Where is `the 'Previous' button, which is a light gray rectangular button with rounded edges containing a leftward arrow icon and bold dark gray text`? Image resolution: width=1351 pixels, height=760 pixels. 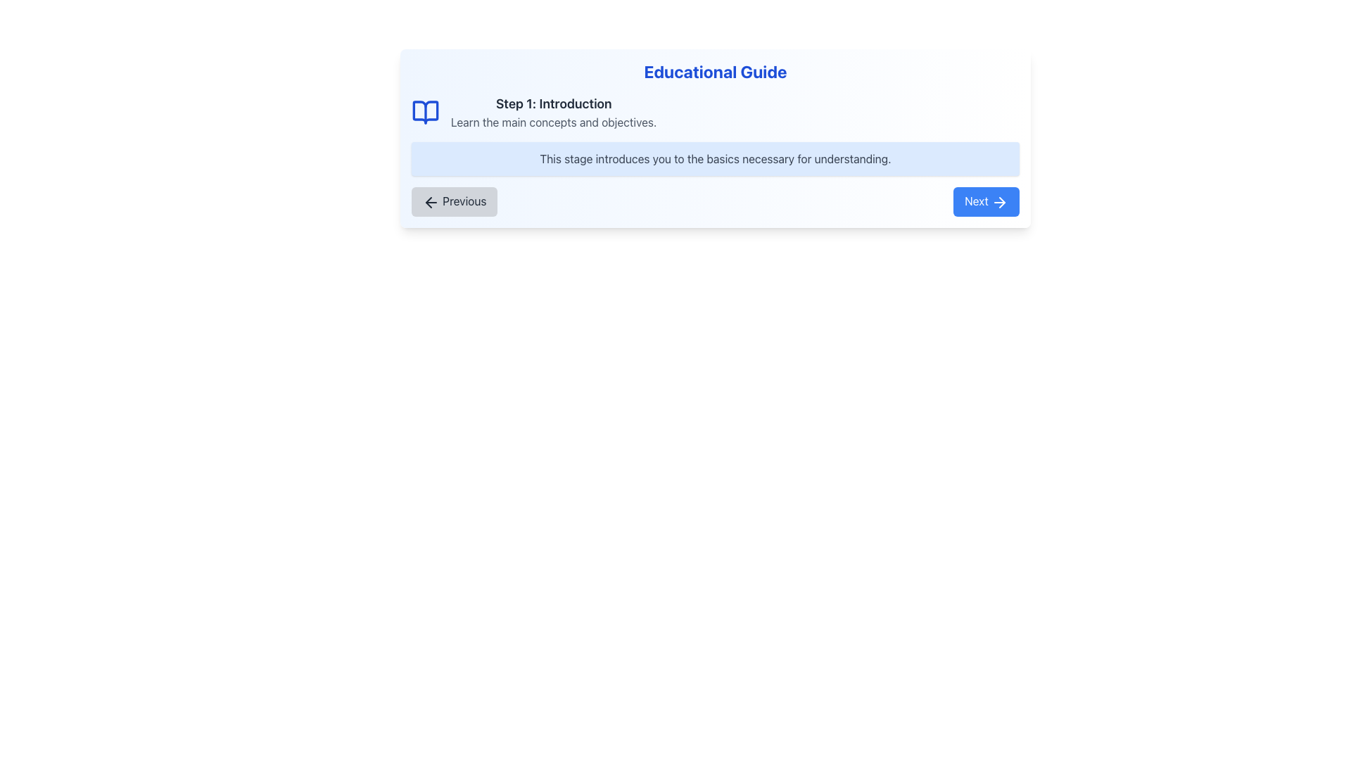 the 'Previous' button, which is a light gray rectangular button with rounded edges containing a leftward arrow icon and bold dark gray text is located at coordinates (455, 201).